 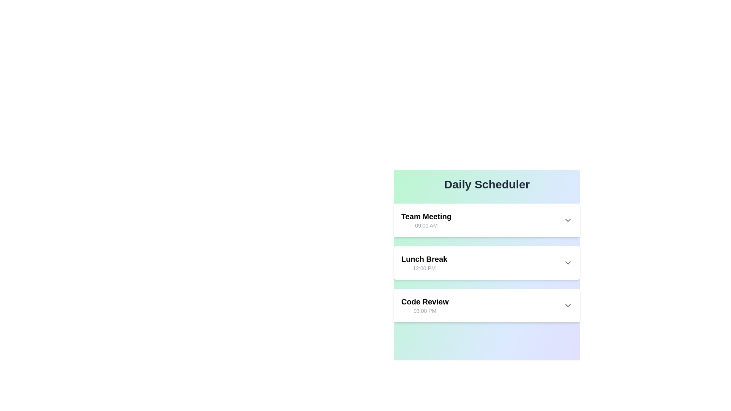 I want to click on the 'Lunch Break' list item, so click(x=486, y=262).